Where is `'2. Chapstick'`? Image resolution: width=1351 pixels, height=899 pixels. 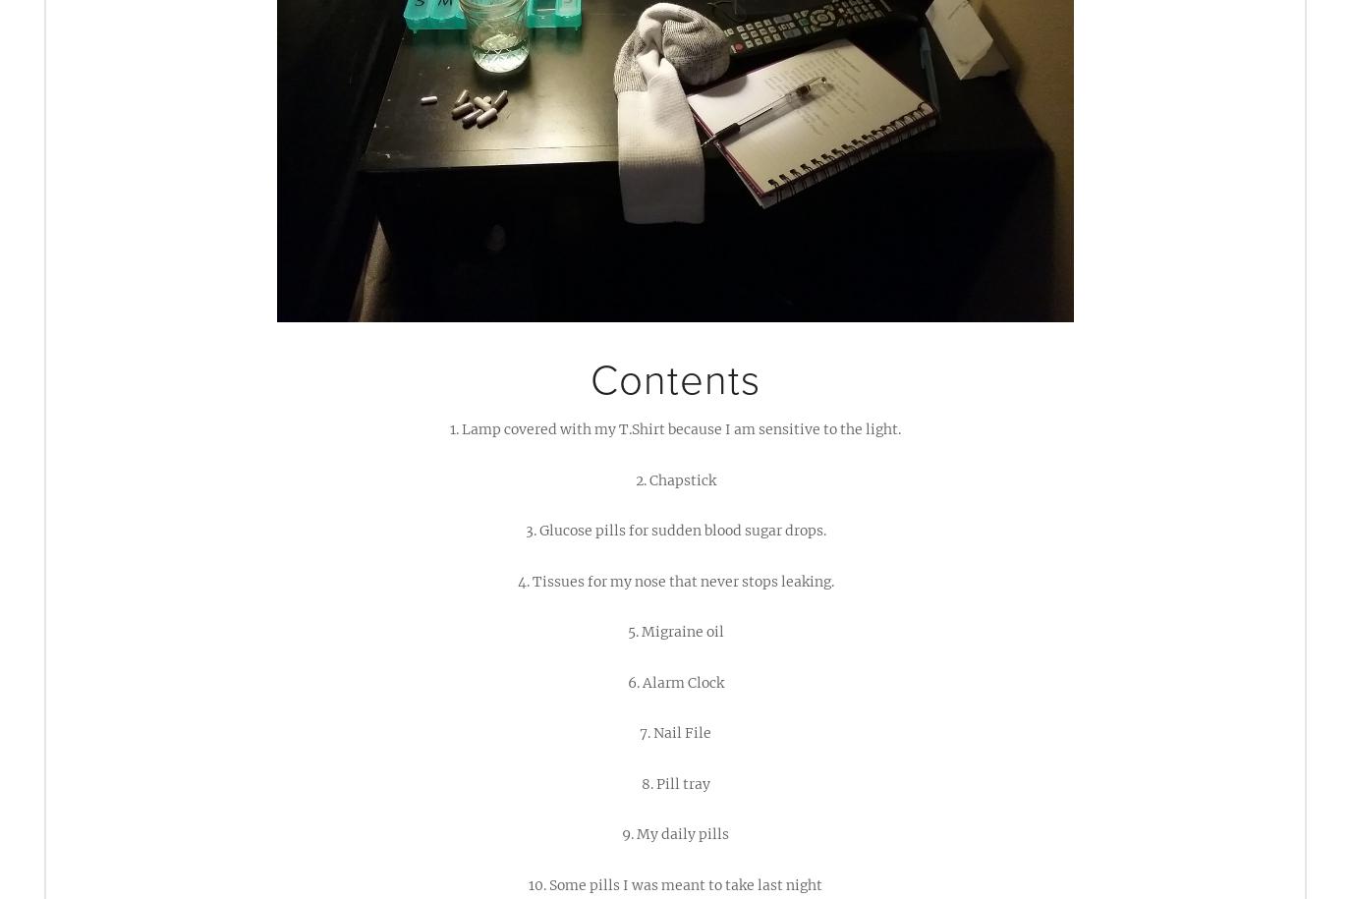 '2. Chapstick' is located at coordinates (673, 478).